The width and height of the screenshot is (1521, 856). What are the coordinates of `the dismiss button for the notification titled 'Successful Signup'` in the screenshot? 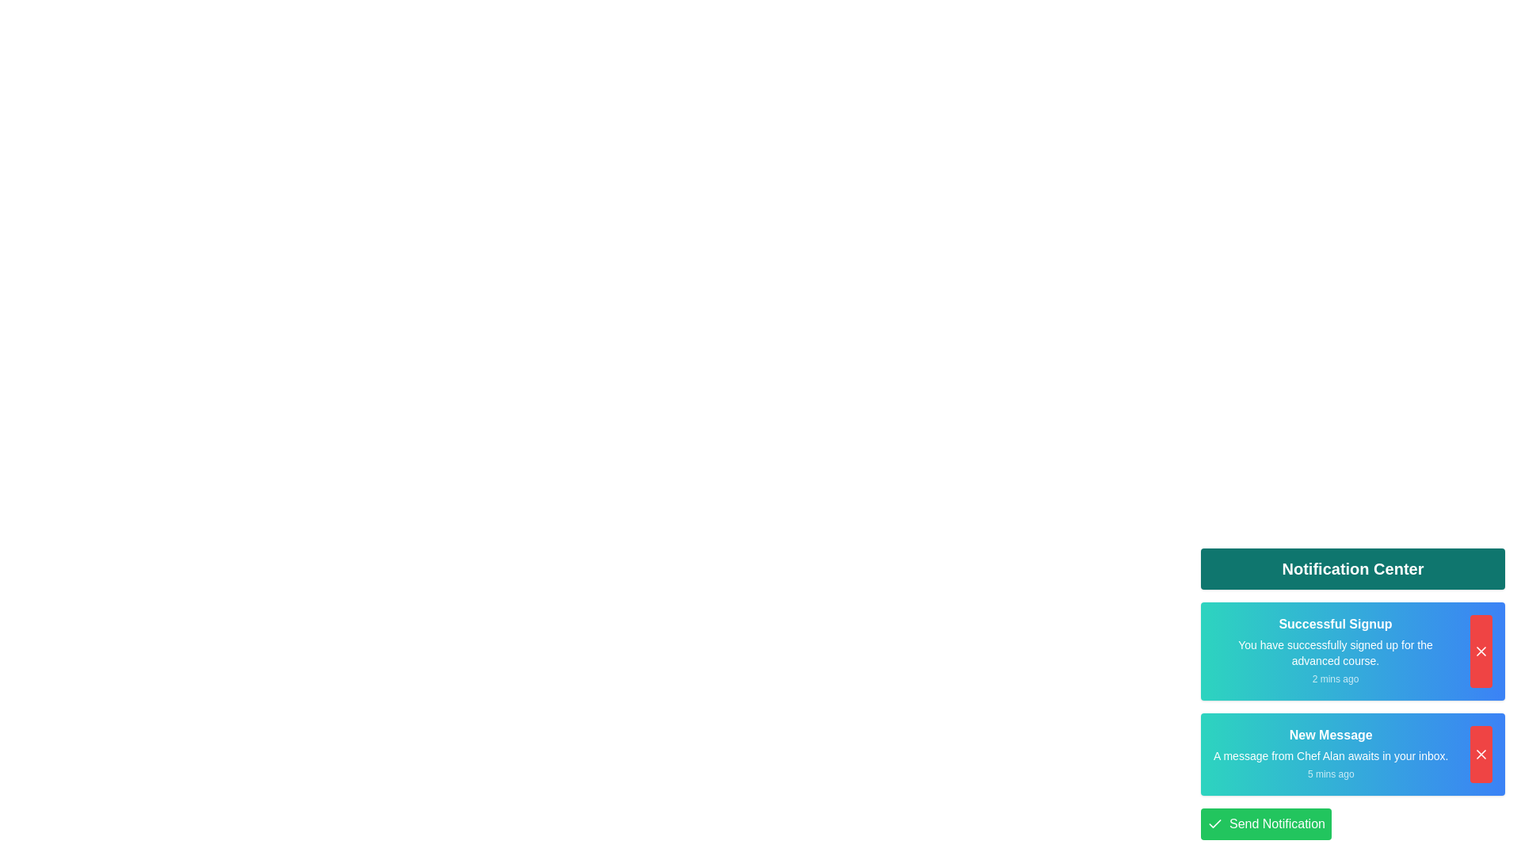 It's located at (1481, 651).